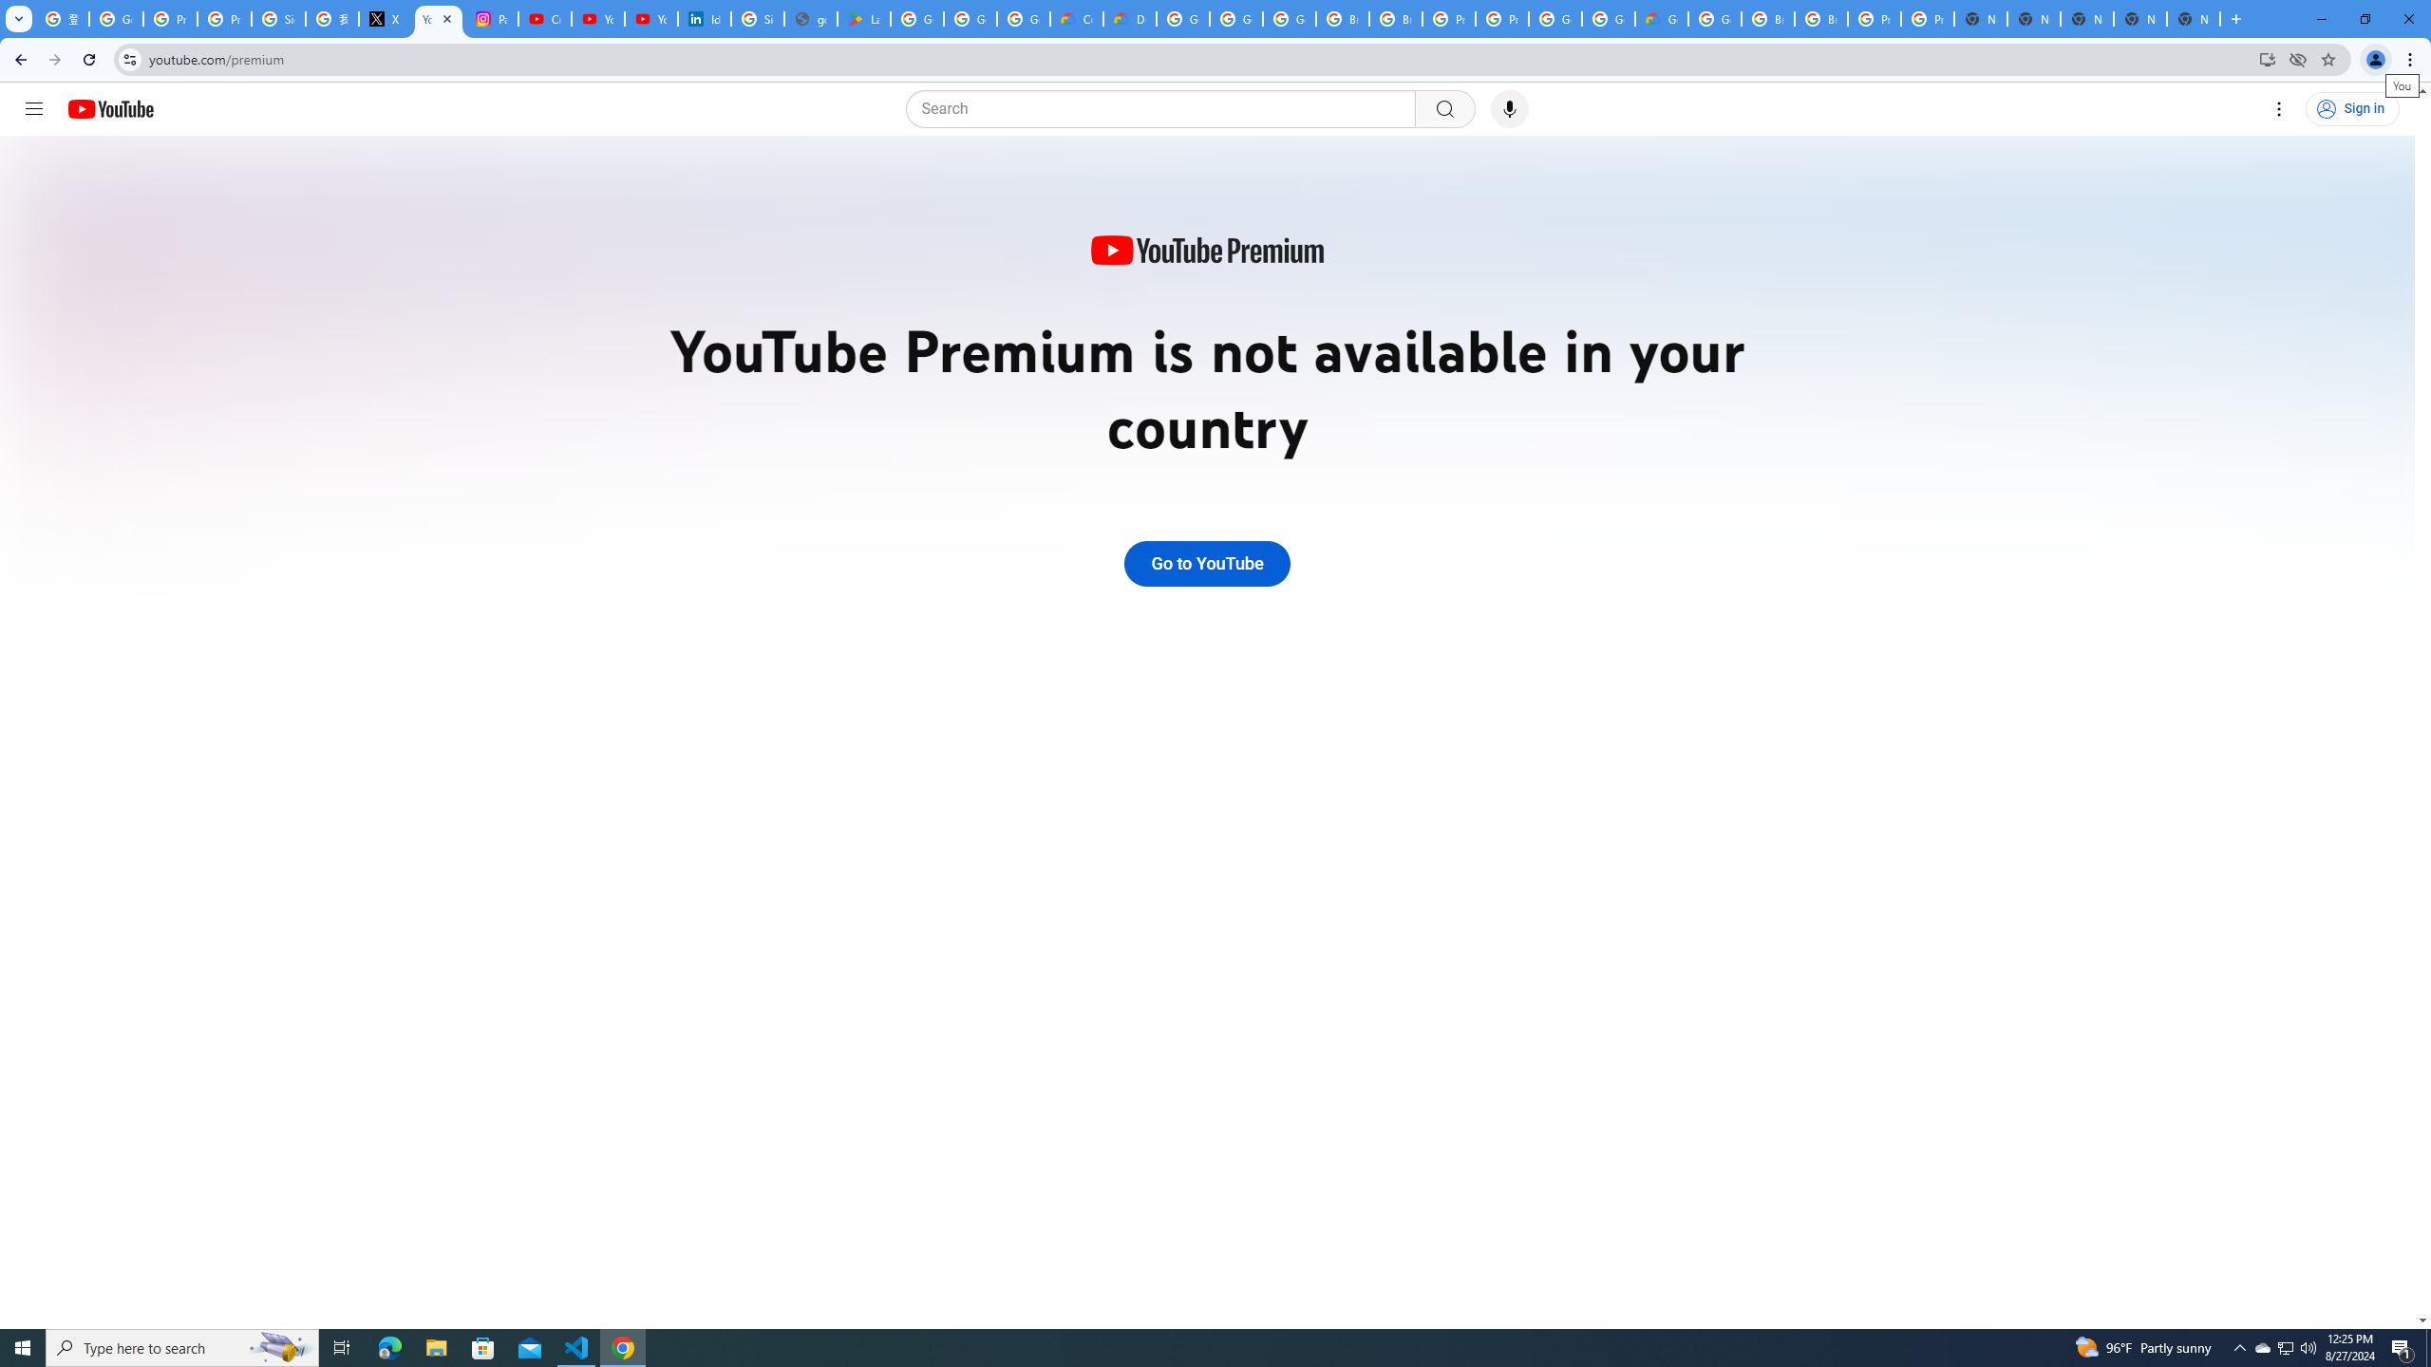 The image size is (2431, 1367). Describe the element at coordinates (1076, 18) in the screenshot. I see `'Customer Care | Google Cloud'` at that location.